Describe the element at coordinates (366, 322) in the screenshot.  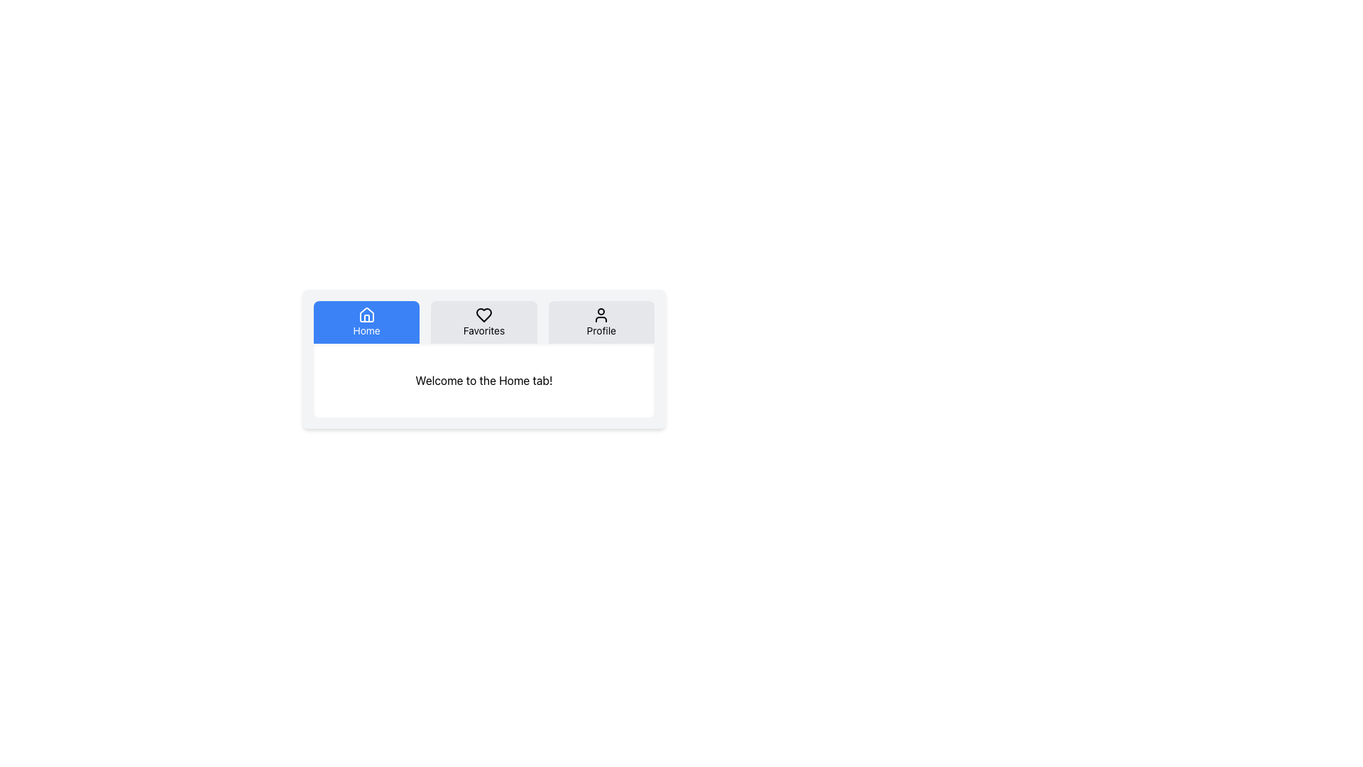
I see `the leftmost 'Home' navigation button to trigger any associated hover effects` at that location.